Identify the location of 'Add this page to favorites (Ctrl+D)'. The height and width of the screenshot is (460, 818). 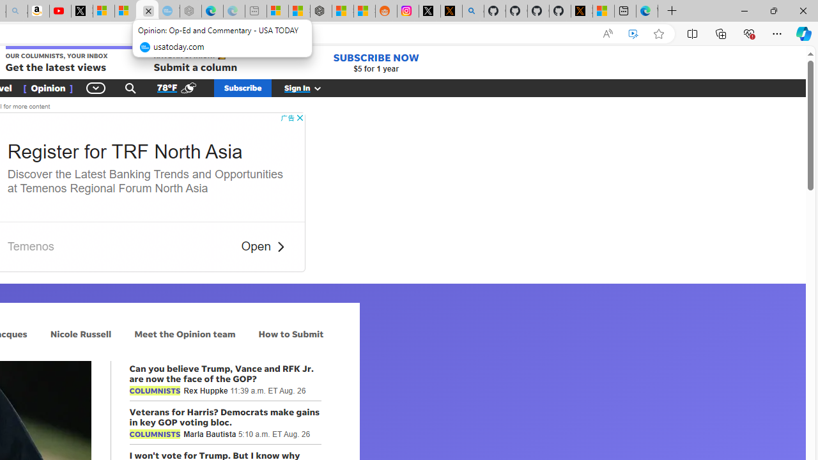
(659, 33).